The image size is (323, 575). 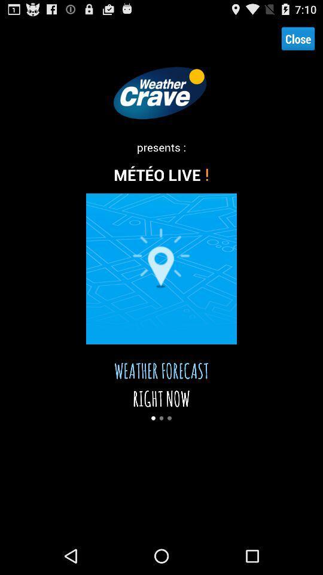 What do you see at coordinates (297, 38) in the screenshot?
I see `icon at the top right corner` at bounding box center [297, 38].